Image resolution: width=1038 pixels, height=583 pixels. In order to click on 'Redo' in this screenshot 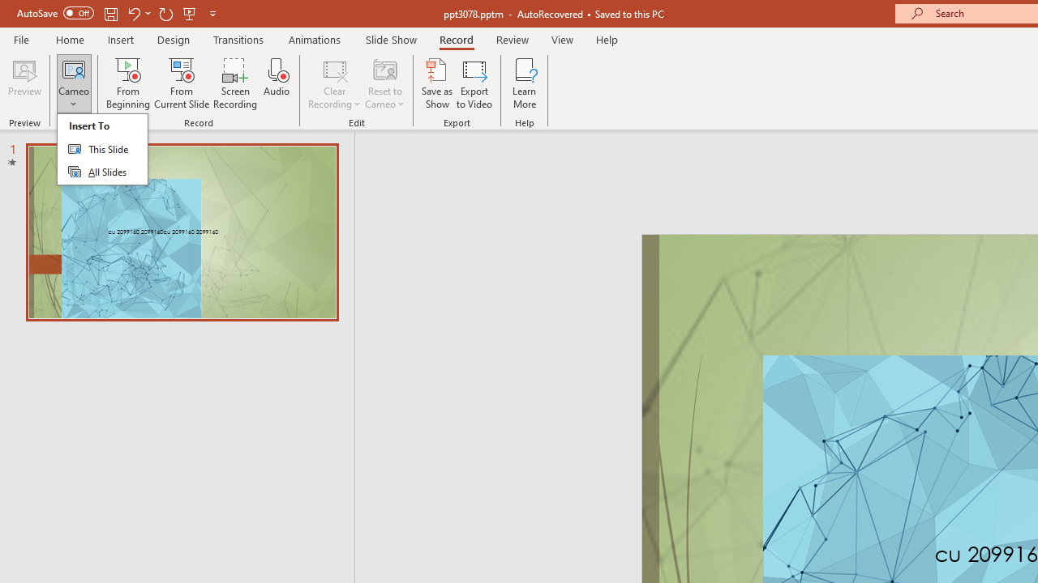, I will do `click(165, 13)`.